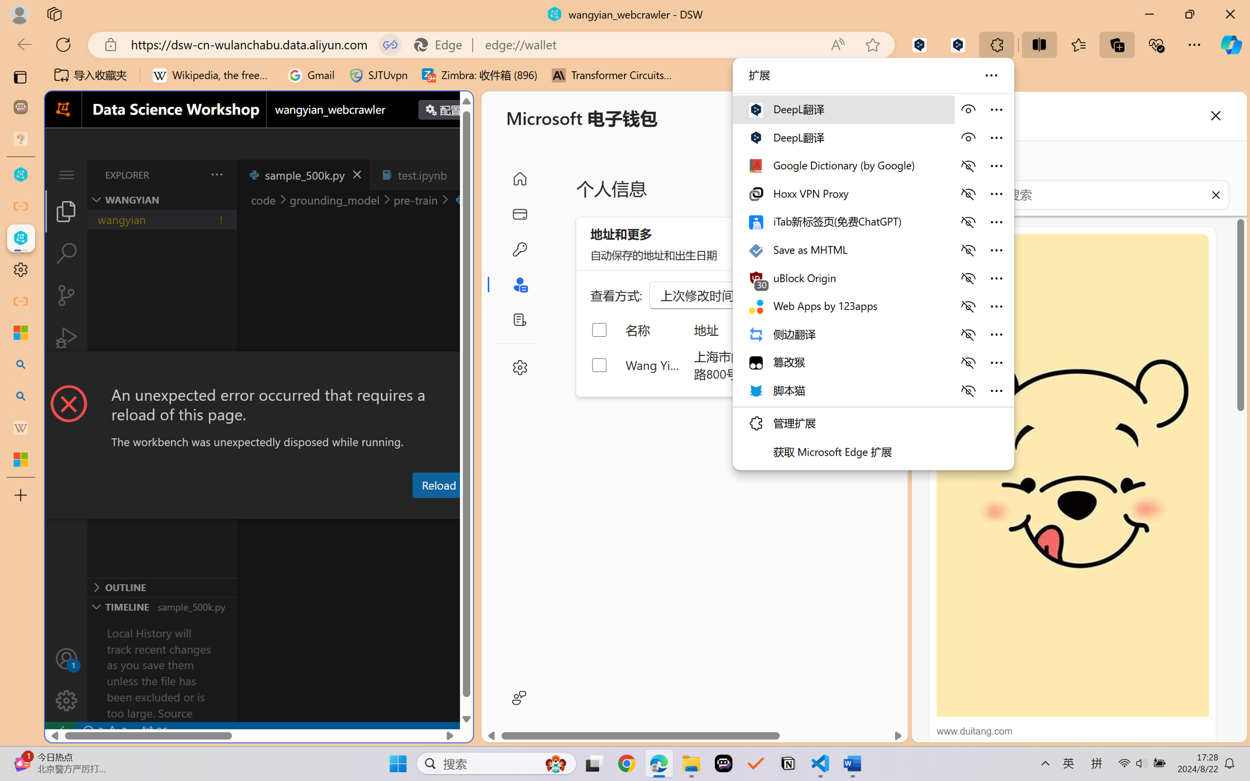  Describe the element at coordinates (843, 193) in the screenshot. I see `'Hoxx VPN Proxy'` at that location.